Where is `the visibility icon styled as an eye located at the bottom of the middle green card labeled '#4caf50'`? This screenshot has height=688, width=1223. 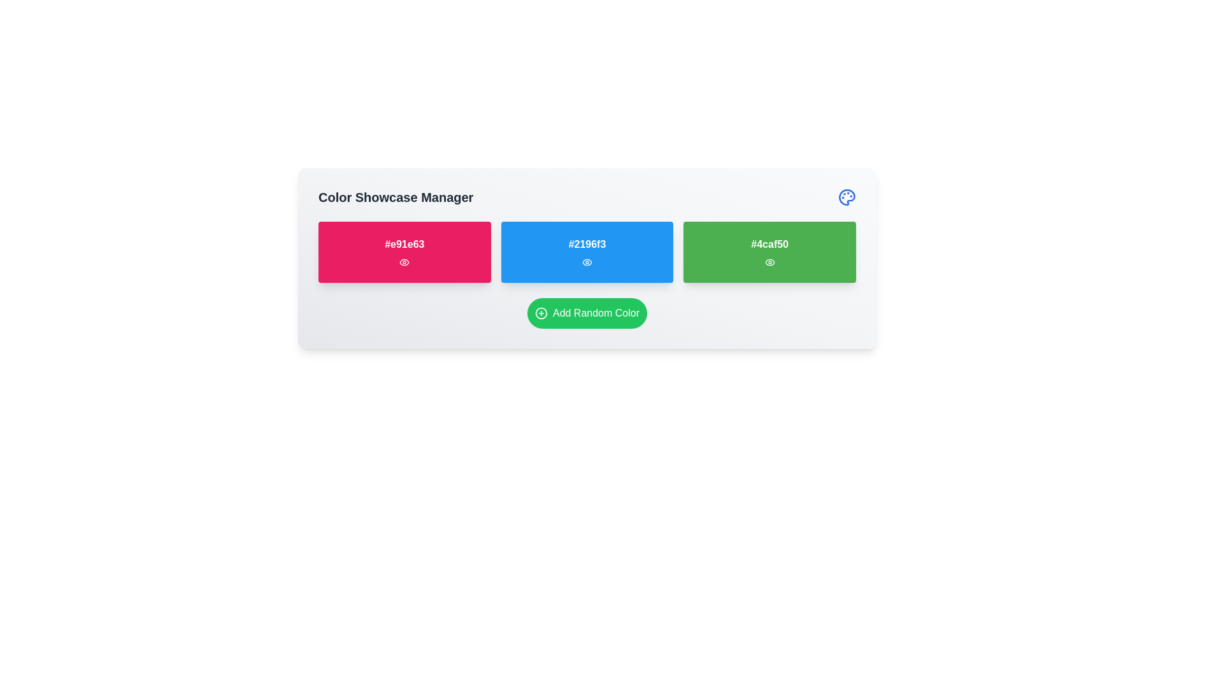
the visibility icon styled as an eye located at the bottom of the middle green card labeled '#4caf50' is located at coordinates (769, 262).